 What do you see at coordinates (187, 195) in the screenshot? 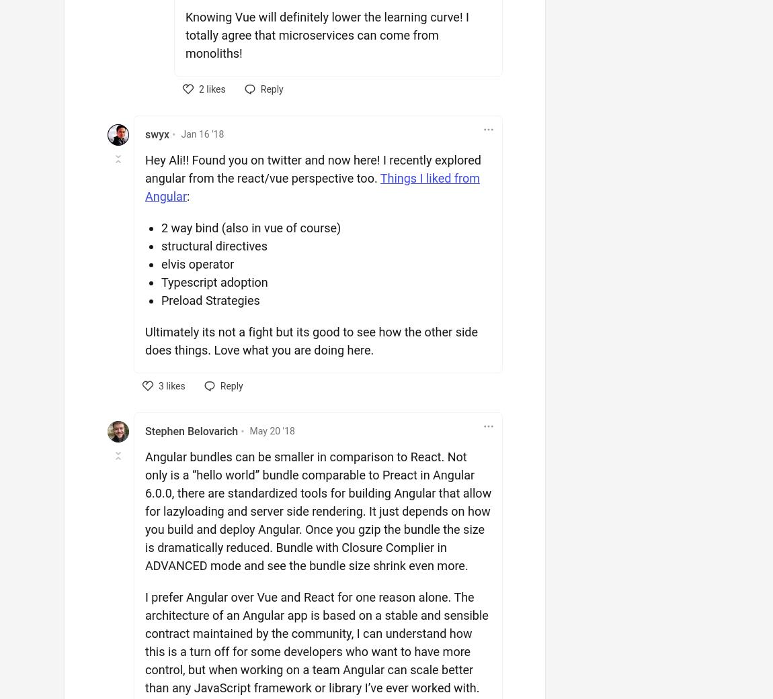
I see `':'` at bounding box center [187, 195].